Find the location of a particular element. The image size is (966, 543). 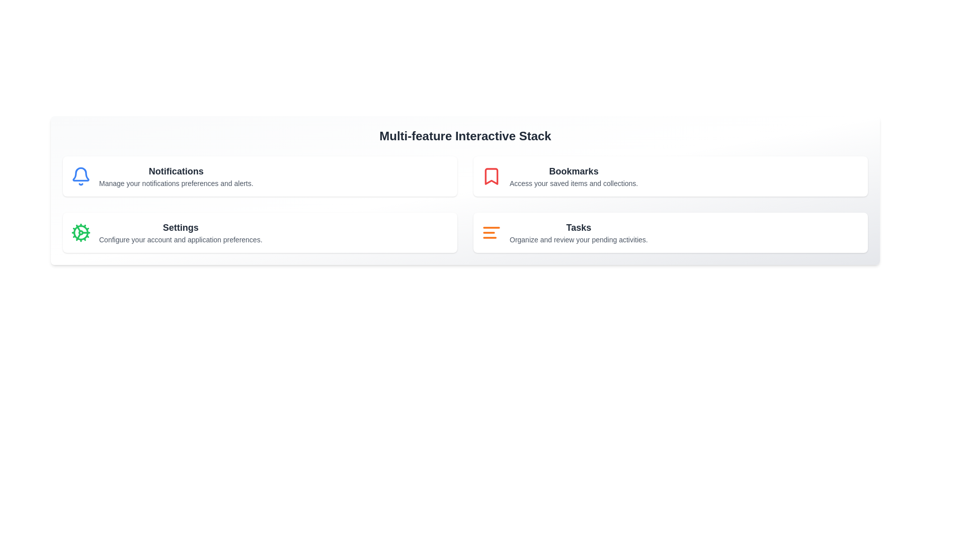

the 'Tasks' informational card, which is the fourth item in a grid layout, located to the right of the 'Settings' box and below the 'Bookmarks' box is located at coordinates (671, 232).